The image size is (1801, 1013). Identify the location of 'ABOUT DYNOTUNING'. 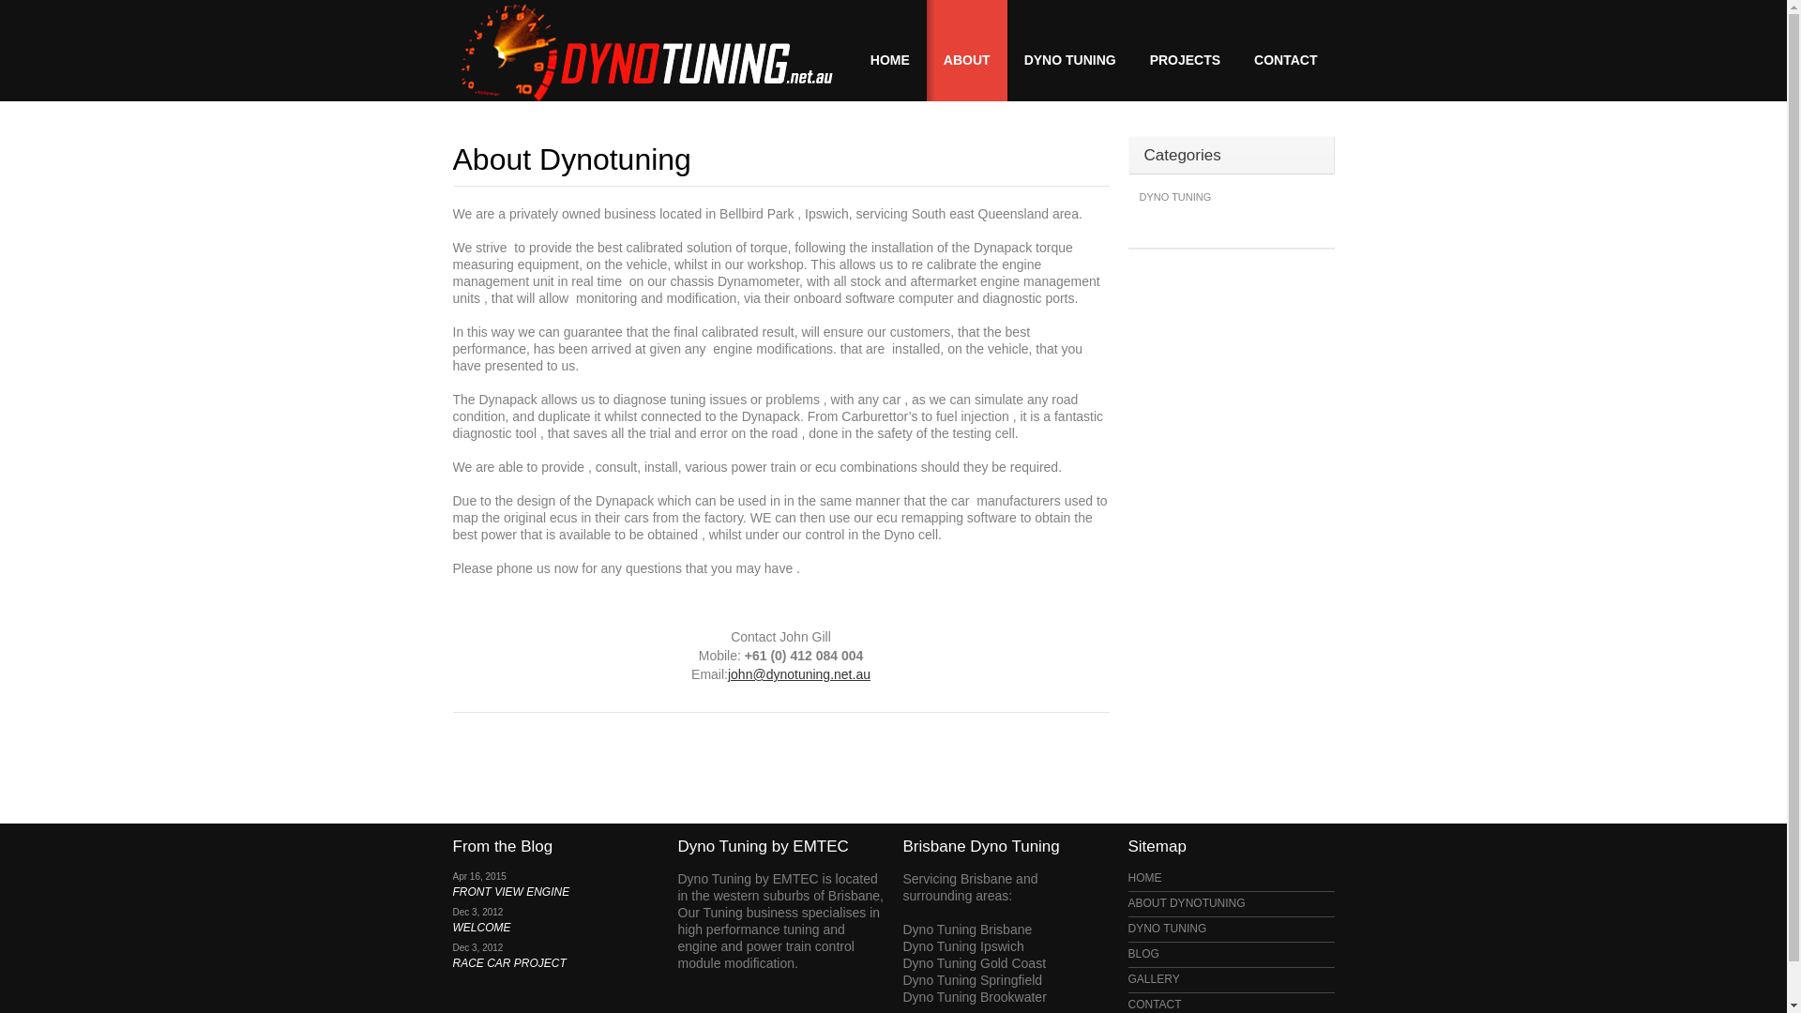
(1126, 902).